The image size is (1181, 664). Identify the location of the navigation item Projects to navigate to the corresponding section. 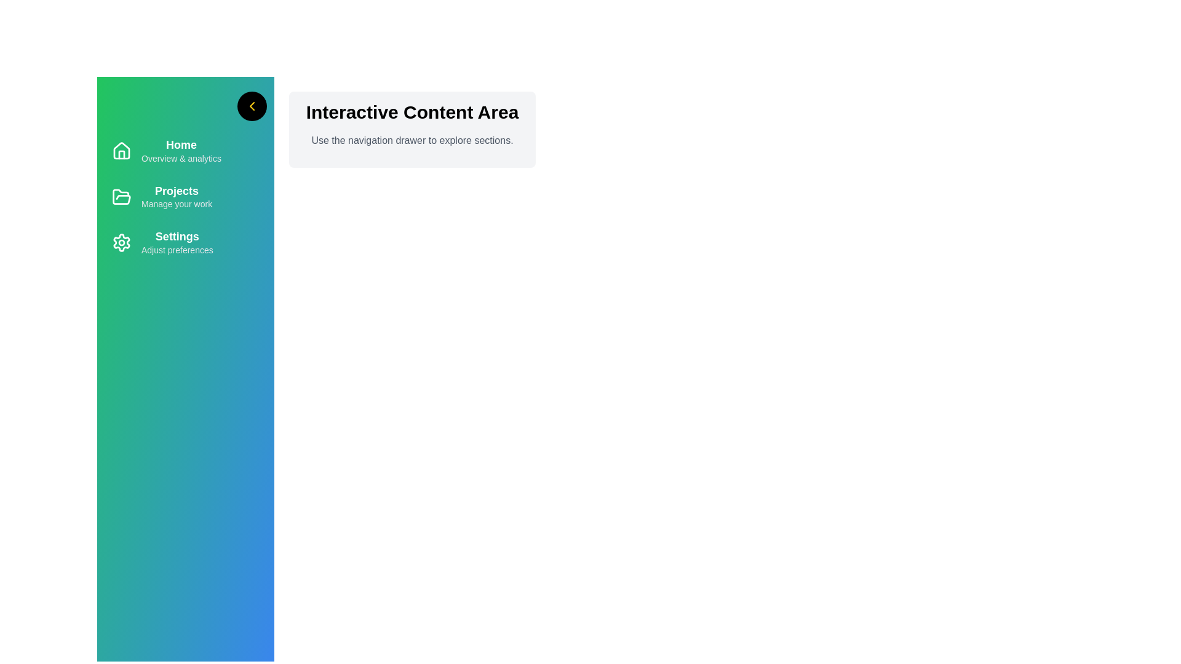
(185, 196).